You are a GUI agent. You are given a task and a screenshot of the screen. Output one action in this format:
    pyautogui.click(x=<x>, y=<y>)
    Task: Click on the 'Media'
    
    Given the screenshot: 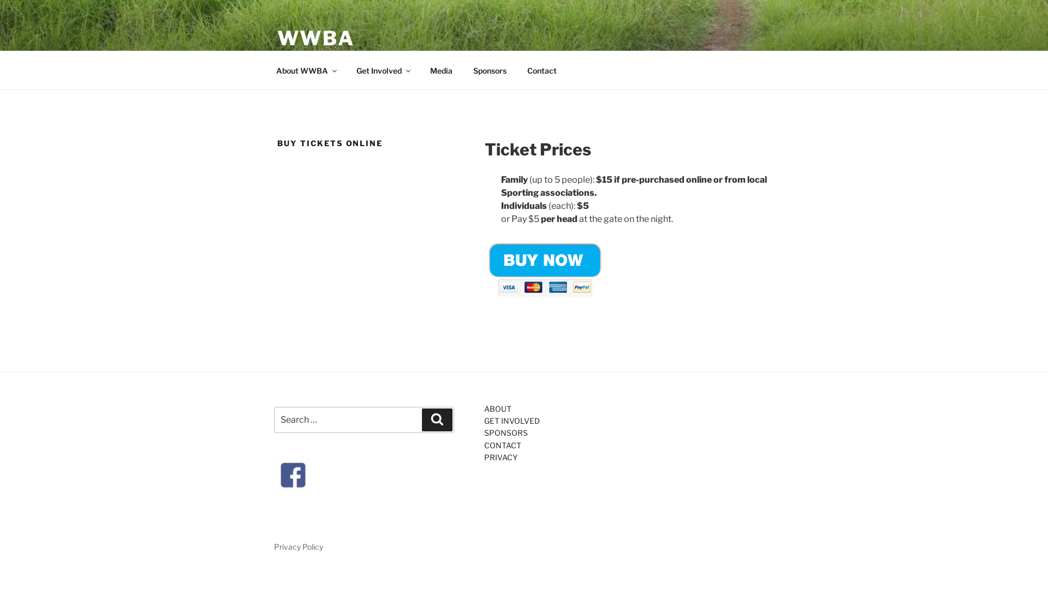 What is the action you would take?
    pyautogui.click(x=440, y=70)
    